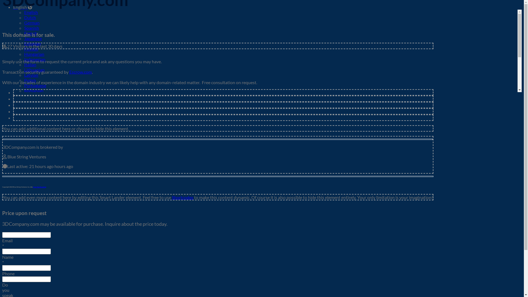 The image size is (528, 297). Describe the element at coordinates (24, 85) in the screenshot. I see `'Portuguese'` at that location.